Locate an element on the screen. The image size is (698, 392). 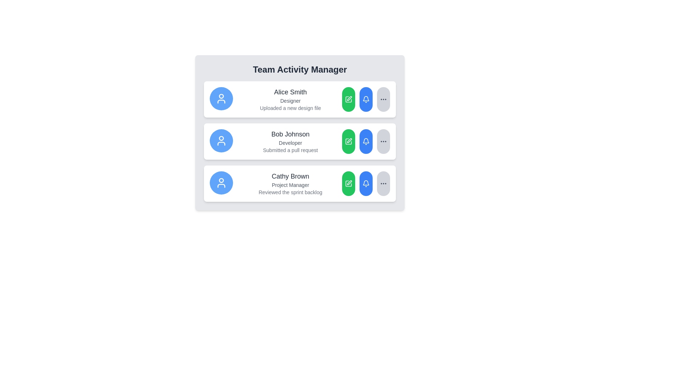
the circular graphical component representing the status of Bob Johnson within the profile icon in the Team Activity Manager interface is located at coordinates (221, 138).